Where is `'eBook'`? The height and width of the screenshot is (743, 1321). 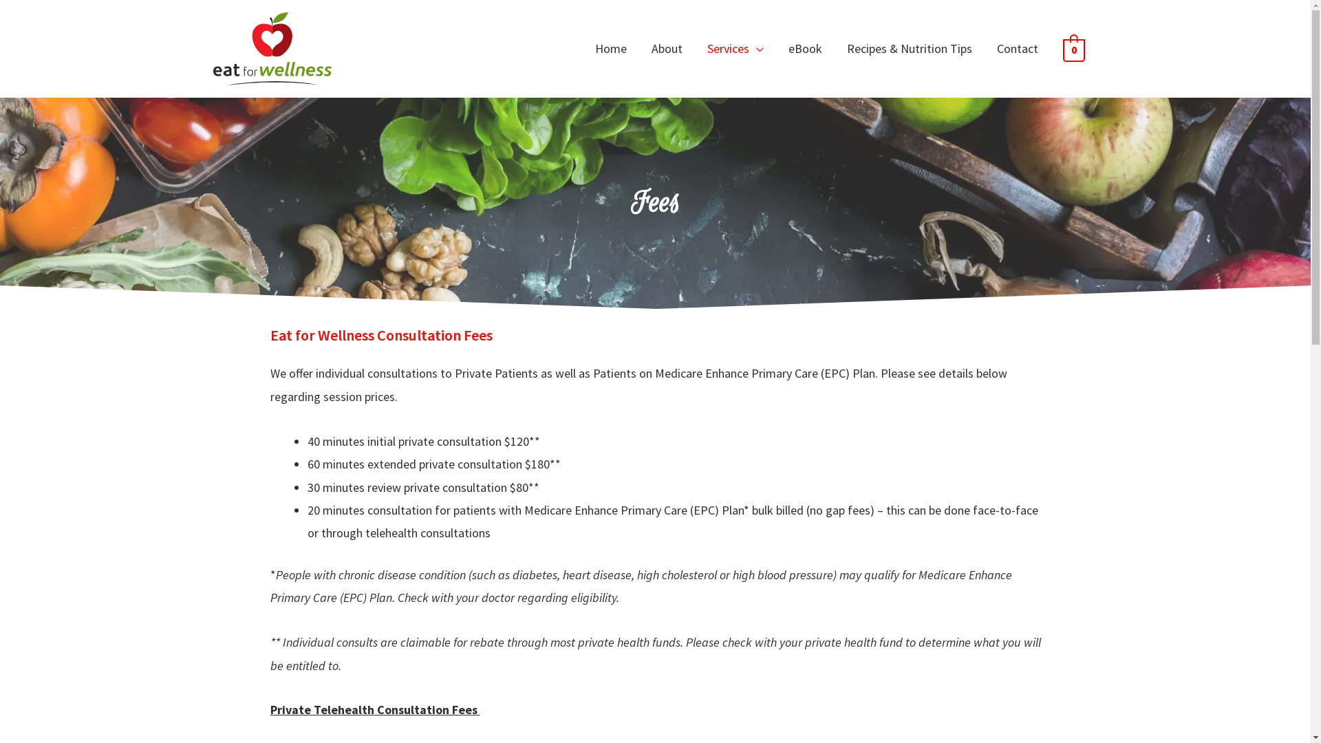 'eBook' is located at coordinates (805, 47).